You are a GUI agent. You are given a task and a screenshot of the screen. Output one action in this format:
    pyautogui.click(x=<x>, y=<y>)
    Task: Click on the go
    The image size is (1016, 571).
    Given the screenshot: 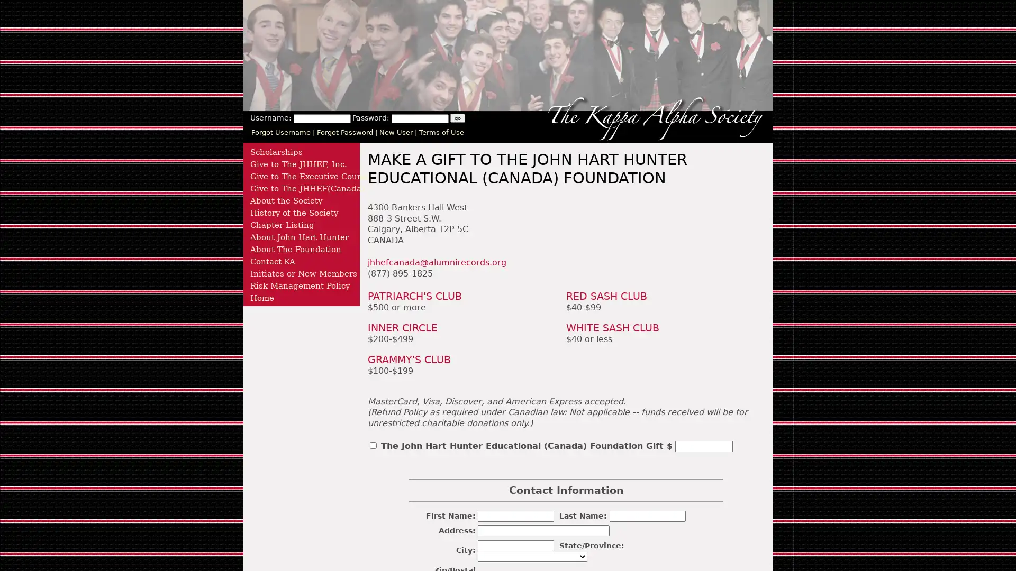 What is the action you would take?
    pyautogui.click(x=457, y=118)
    